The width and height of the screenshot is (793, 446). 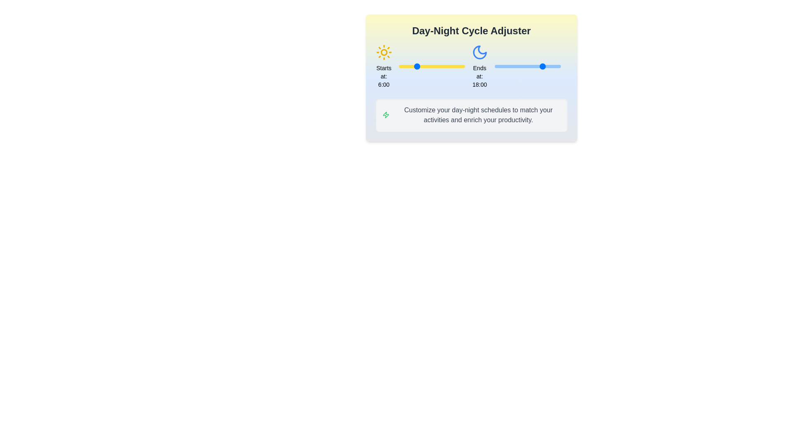 What do you see at coordinates (513, 66) in the screenshot?
I see `the end time of the day cycle to 7 hours using the right slider` at bounding box center [513, 66].